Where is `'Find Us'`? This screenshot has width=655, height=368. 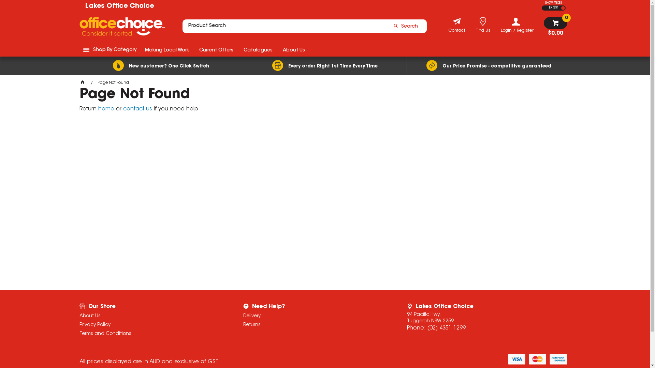
'Find Us' is located at coordinates (483, 31).